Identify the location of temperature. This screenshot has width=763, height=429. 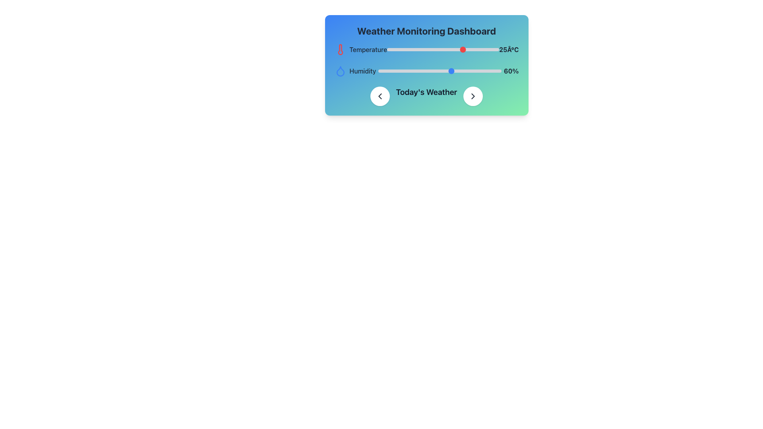
(407, 49).